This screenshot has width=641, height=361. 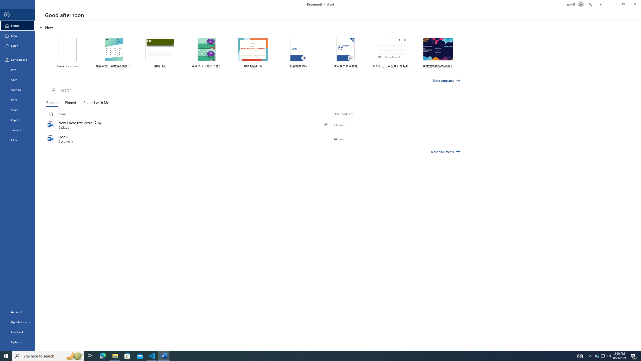 I want to click on 'New', so click(x=17, y=35).